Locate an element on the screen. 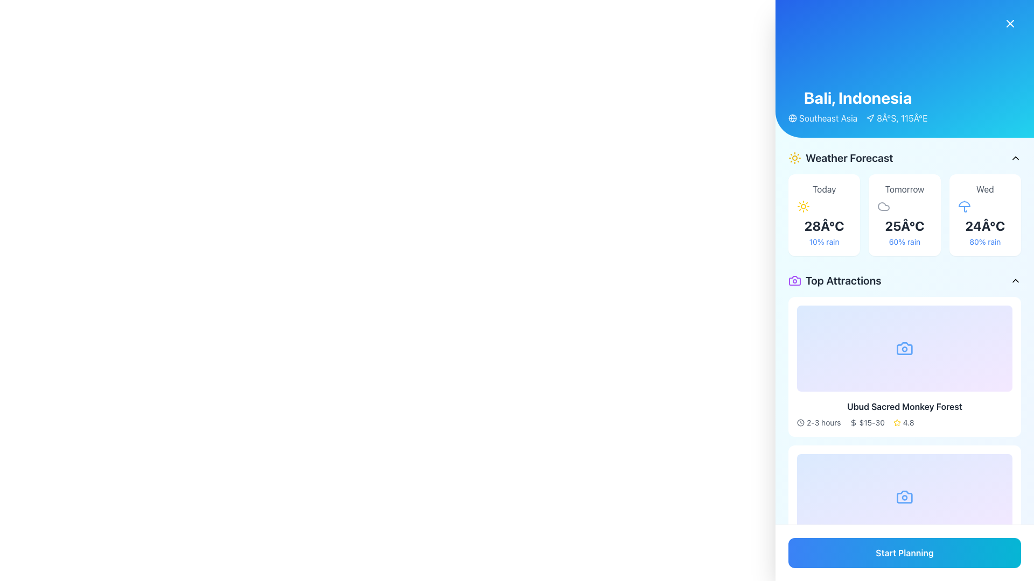  the weather icon representing cloudy conditions in the 'Tomorrow' section of the 'Weather Forecast' is located at coordinates (884, 207).